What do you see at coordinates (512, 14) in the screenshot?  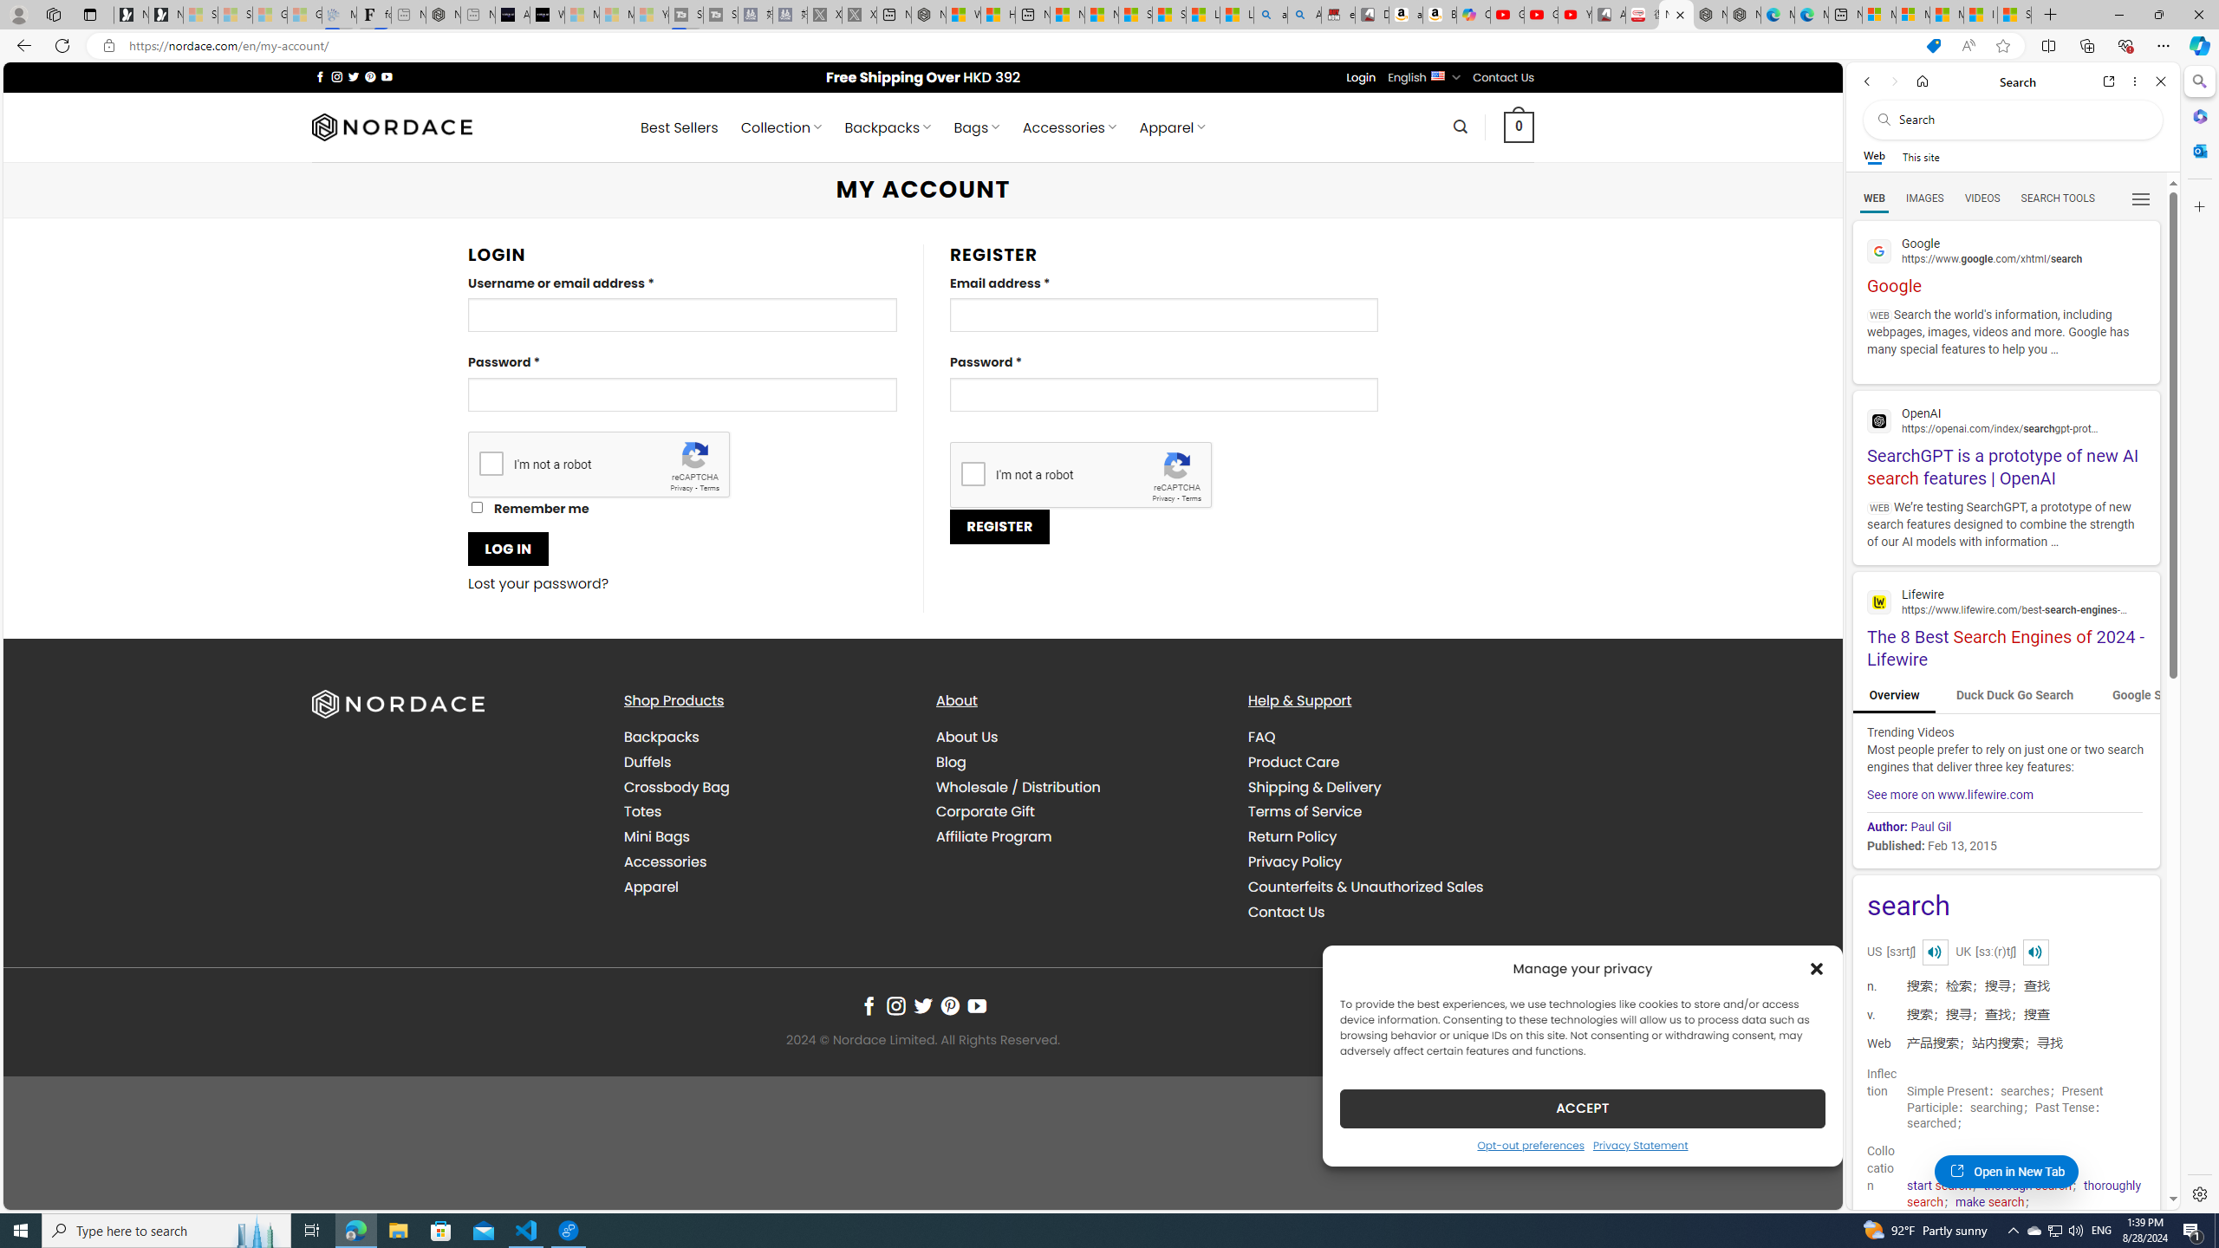 I see `'AI Voice Changer for PC and Mac - Voice.ai'` at bounding box center [512, 14].